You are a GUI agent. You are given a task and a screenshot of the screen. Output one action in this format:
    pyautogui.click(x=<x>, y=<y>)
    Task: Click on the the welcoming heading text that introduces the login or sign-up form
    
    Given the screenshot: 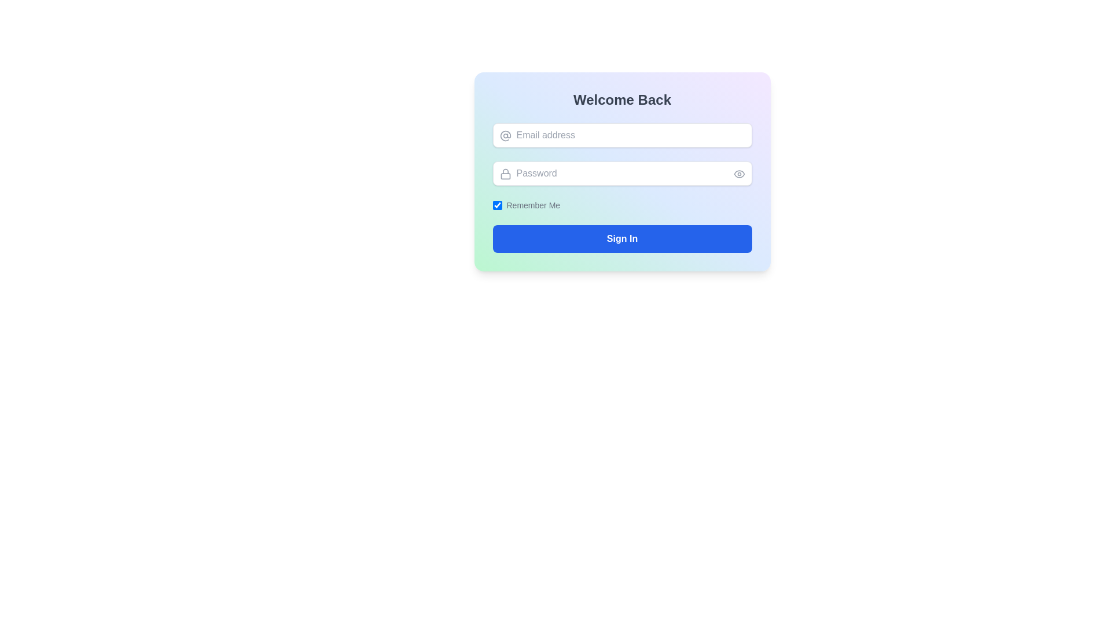 What is the action you would take?
    pyautogui.click(x=621, y=100)
    